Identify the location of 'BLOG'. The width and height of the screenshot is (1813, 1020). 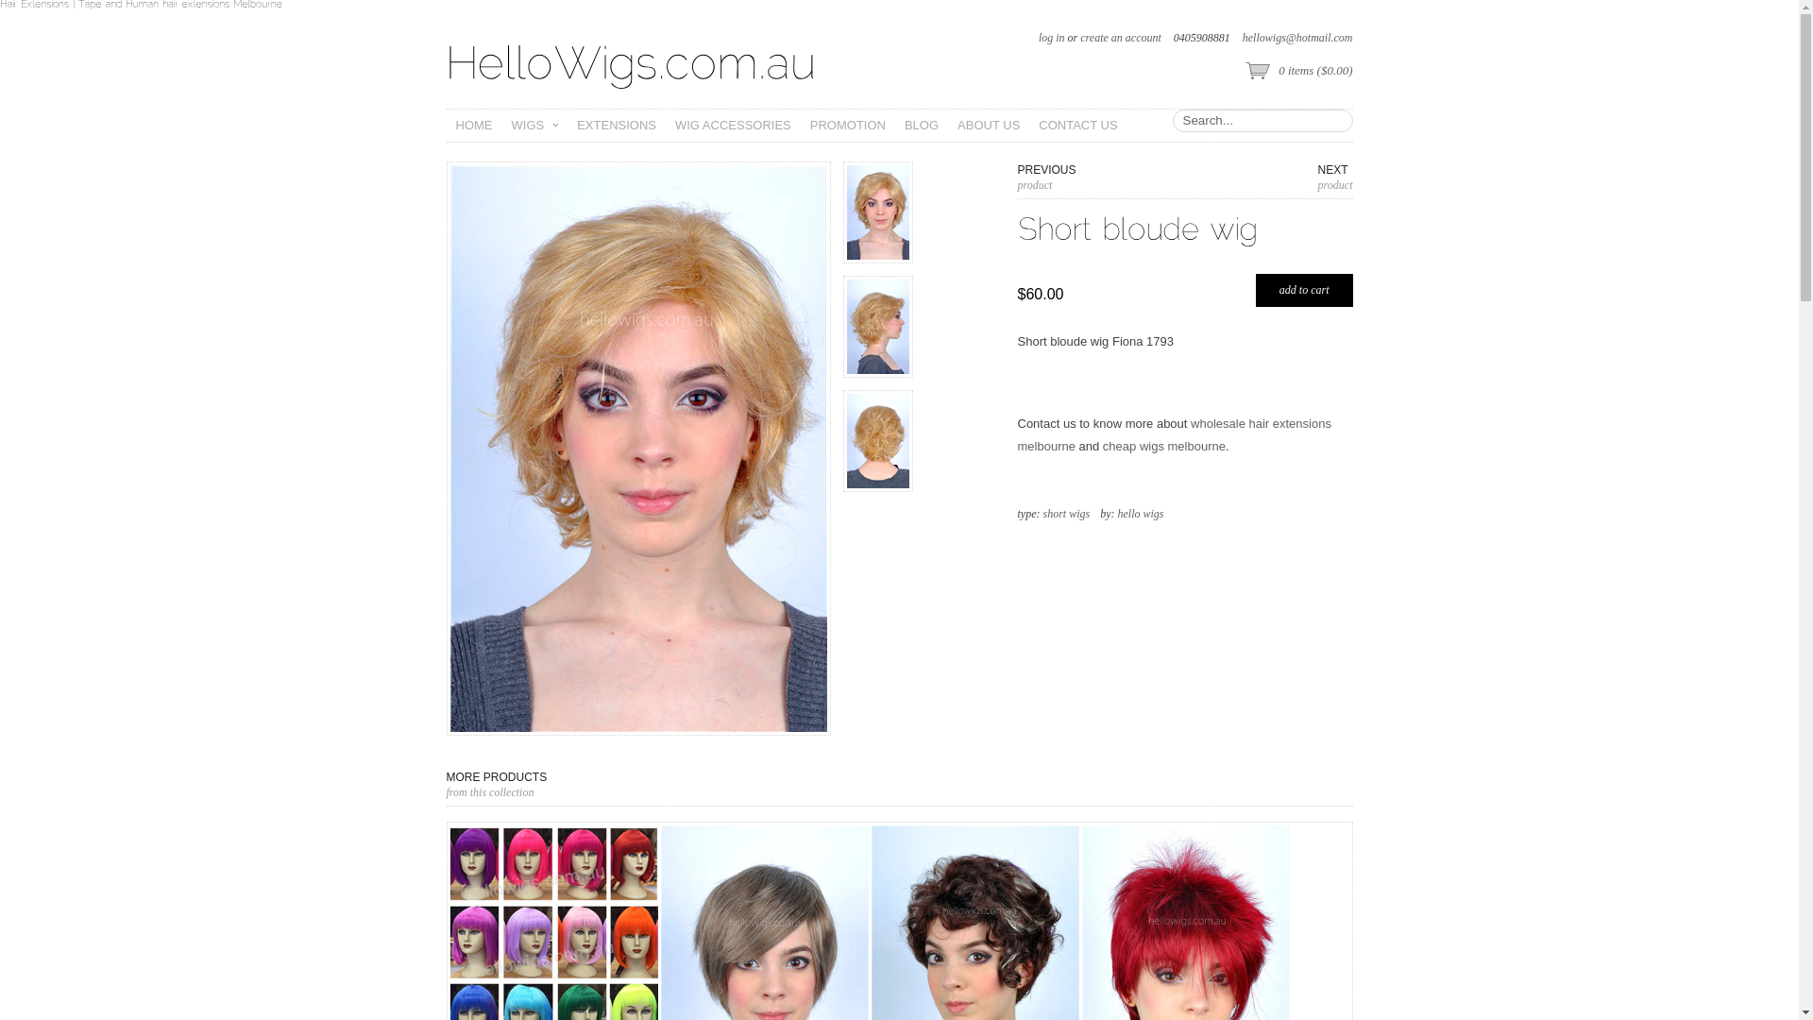
(921, 125).